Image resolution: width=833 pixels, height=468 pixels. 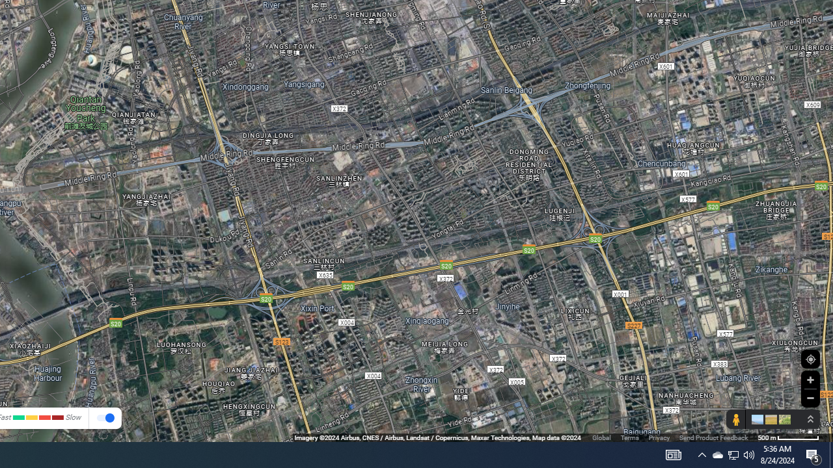 I want to click on 'Zoom out', so click(x=810, y=397).